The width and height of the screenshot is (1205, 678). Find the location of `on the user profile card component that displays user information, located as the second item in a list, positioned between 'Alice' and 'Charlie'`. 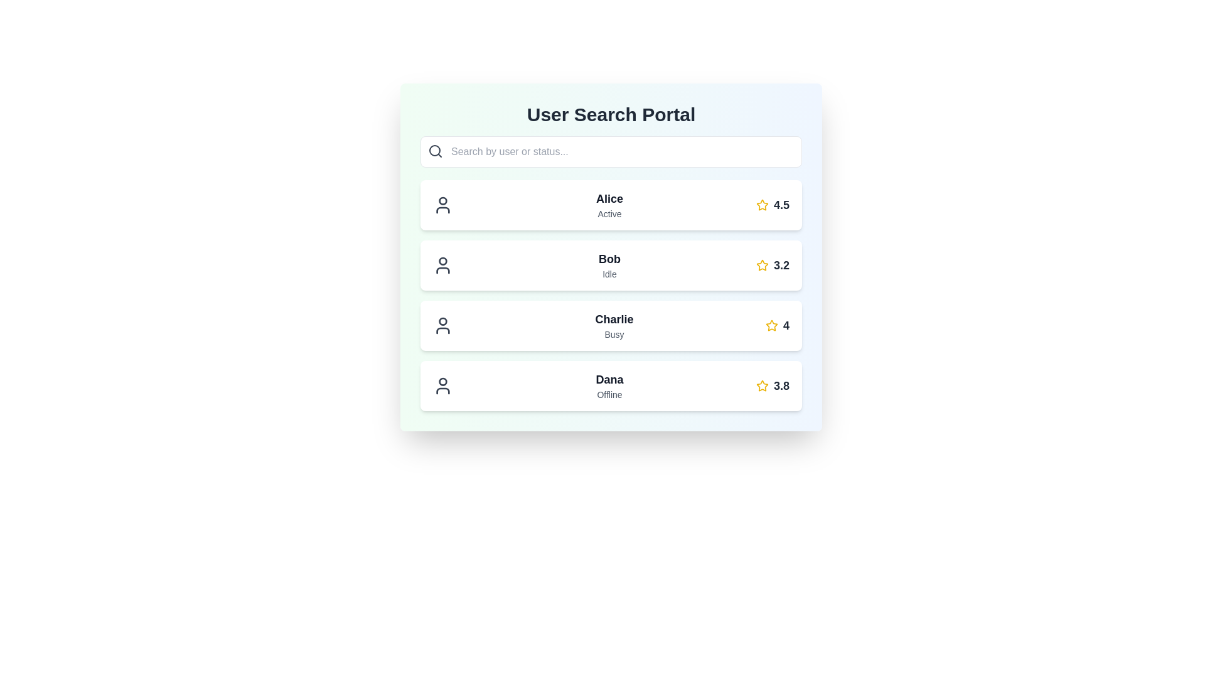

on the user profile card component that displays user information, located as the second item in a list, positioned between 'Alice' and 'Charlie' is located at coordinates (611, 265).